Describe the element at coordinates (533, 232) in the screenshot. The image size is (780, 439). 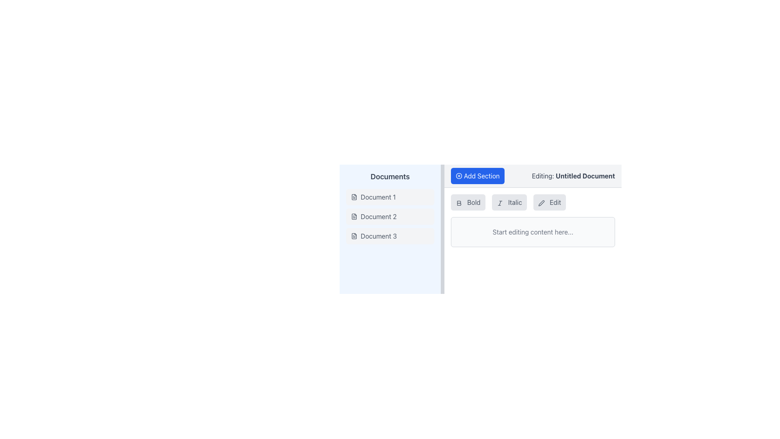
I see `the Content Editing Placeholder, which is the prominent text input area located below the 'Bold', 'Italic', and 'Edit' buttons, to focus for editing` at that location.